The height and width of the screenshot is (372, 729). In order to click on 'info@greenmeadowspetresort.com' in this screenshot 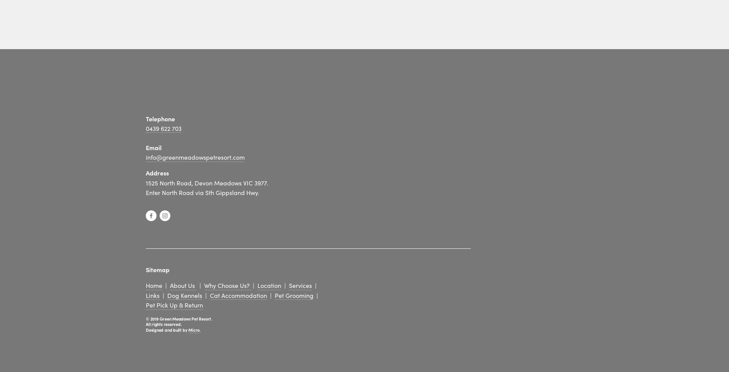, I will do `click(195, 157)`.